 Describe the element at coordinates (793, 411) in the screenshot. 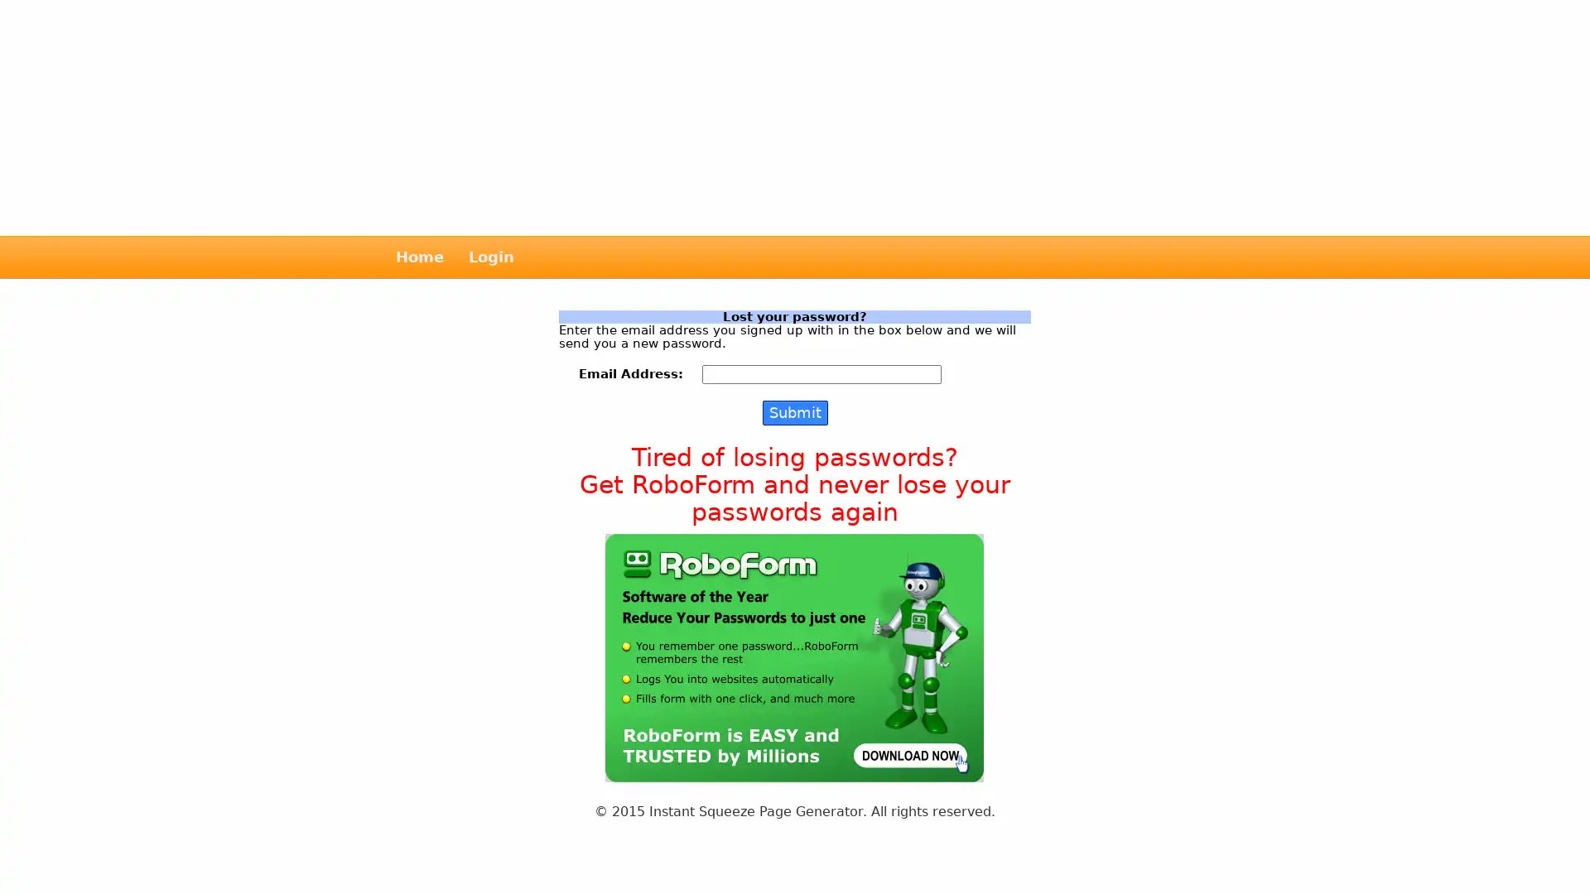

I see `Submit` at that location.